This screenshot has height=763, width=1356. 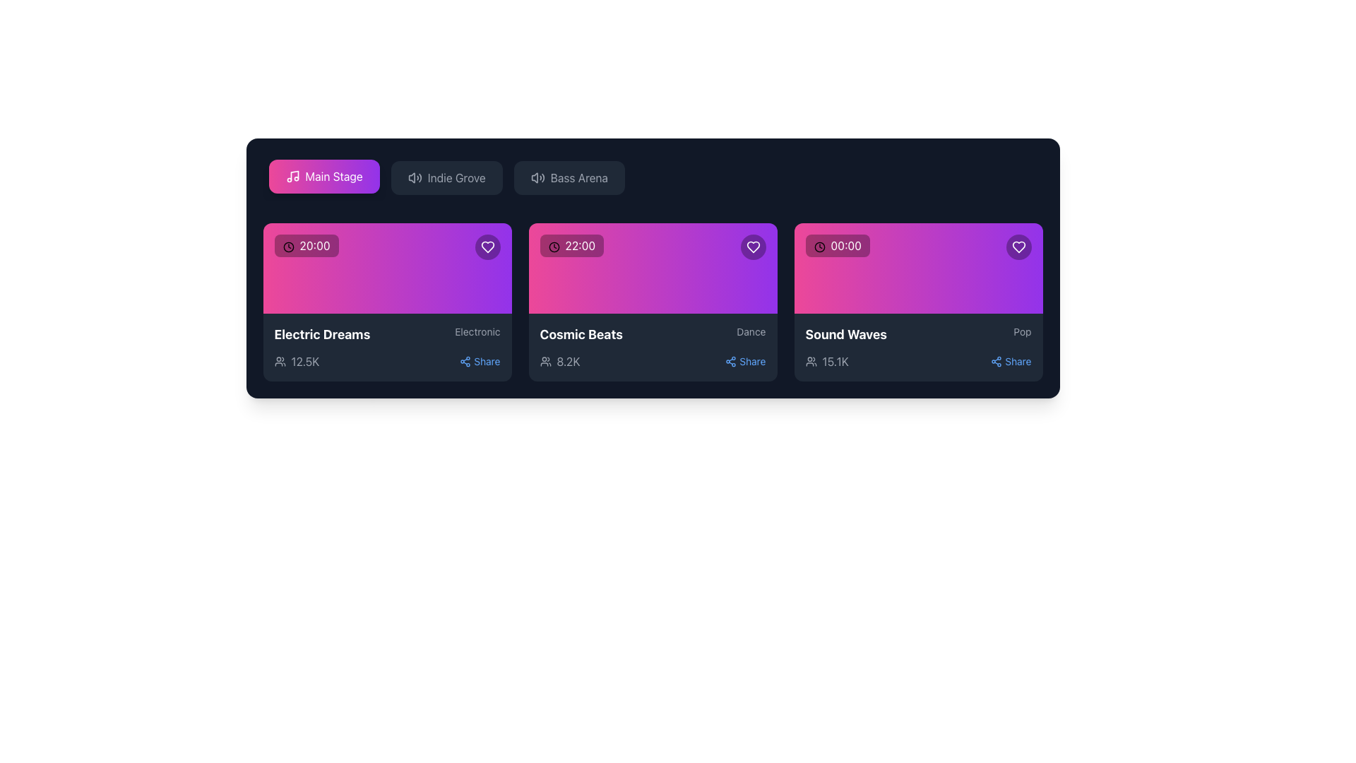 I want to click on the icons within the central event card that is part of a horizontally aligned set of three cards on a dark background, so click(x=652, y=268).